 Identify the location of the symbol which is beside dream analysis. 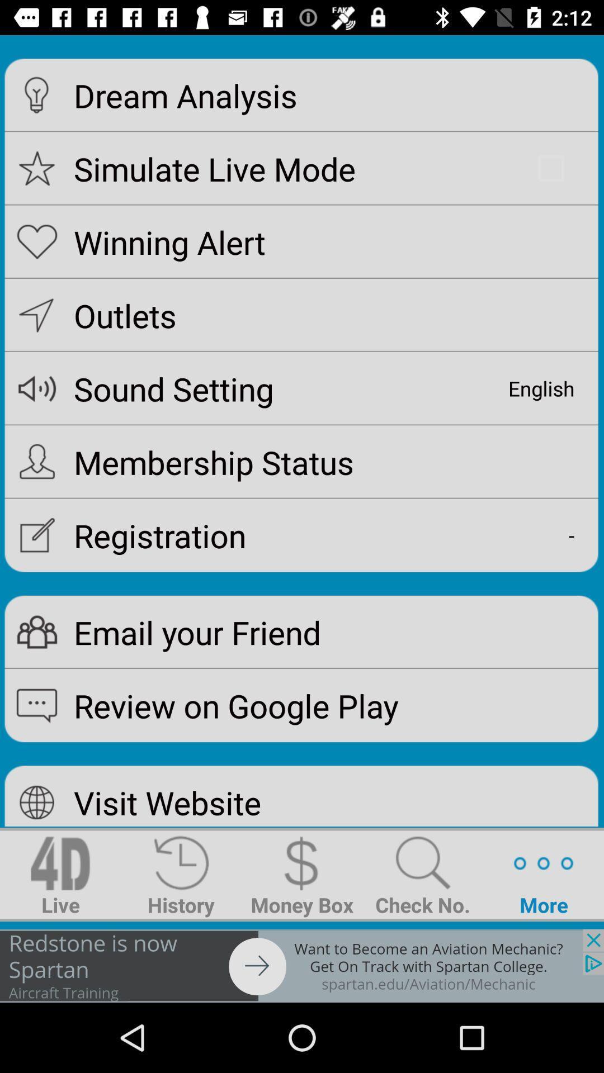
(36, 95).